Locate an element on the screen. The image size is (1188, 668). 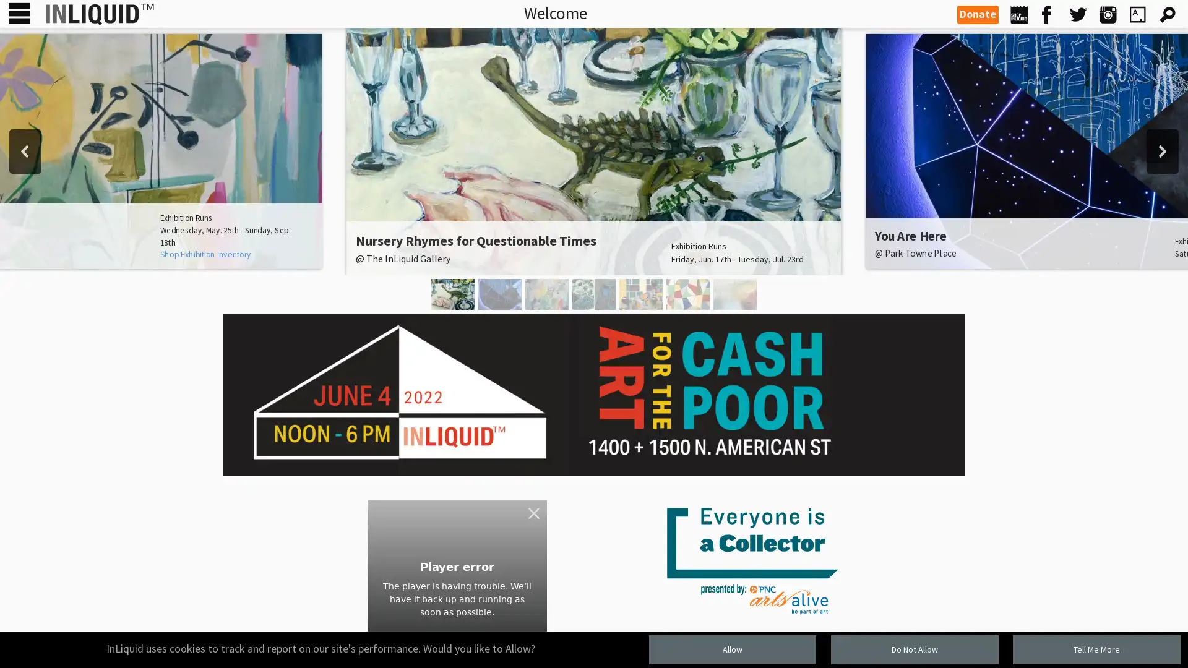
idyll is located at coordinates (546, 294).